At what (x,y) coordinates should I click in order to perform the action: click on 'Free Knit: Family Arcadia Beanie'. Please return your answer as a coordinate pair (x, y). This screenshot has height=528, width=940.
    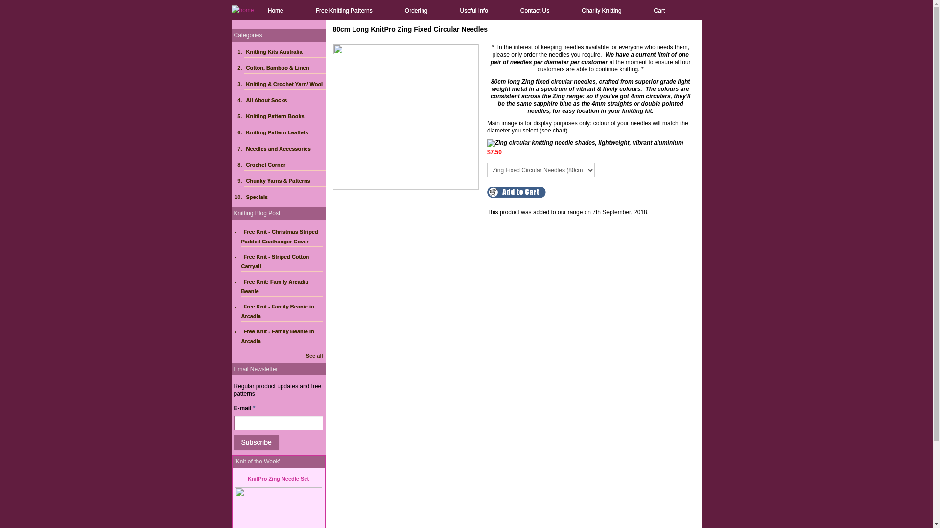
    Looking at the image, I should click on (274, 286).